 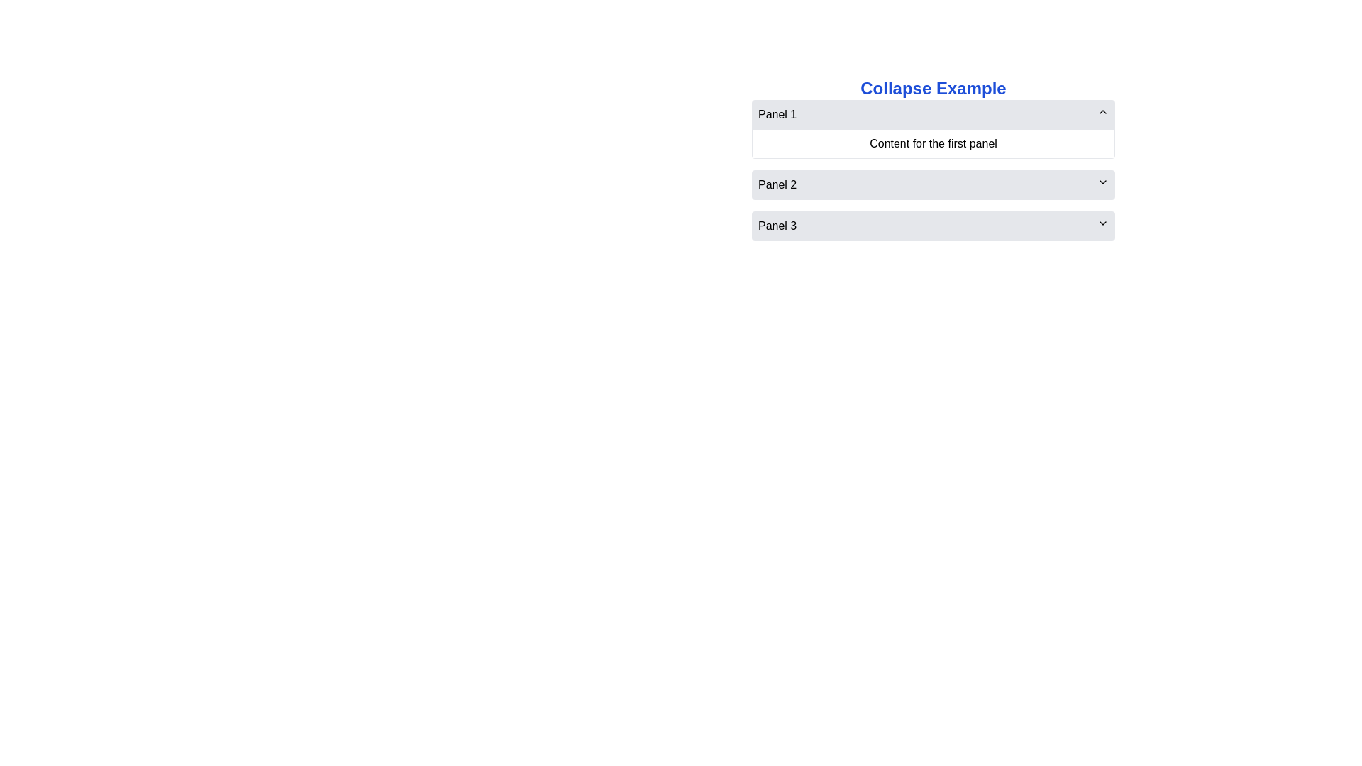 What do you see at coordinates (1102, 111) in the screenshot?
I see `the Chevron Up icon located on the far right side of the 'Panel 1' header` at bounding box center [1102, 111].